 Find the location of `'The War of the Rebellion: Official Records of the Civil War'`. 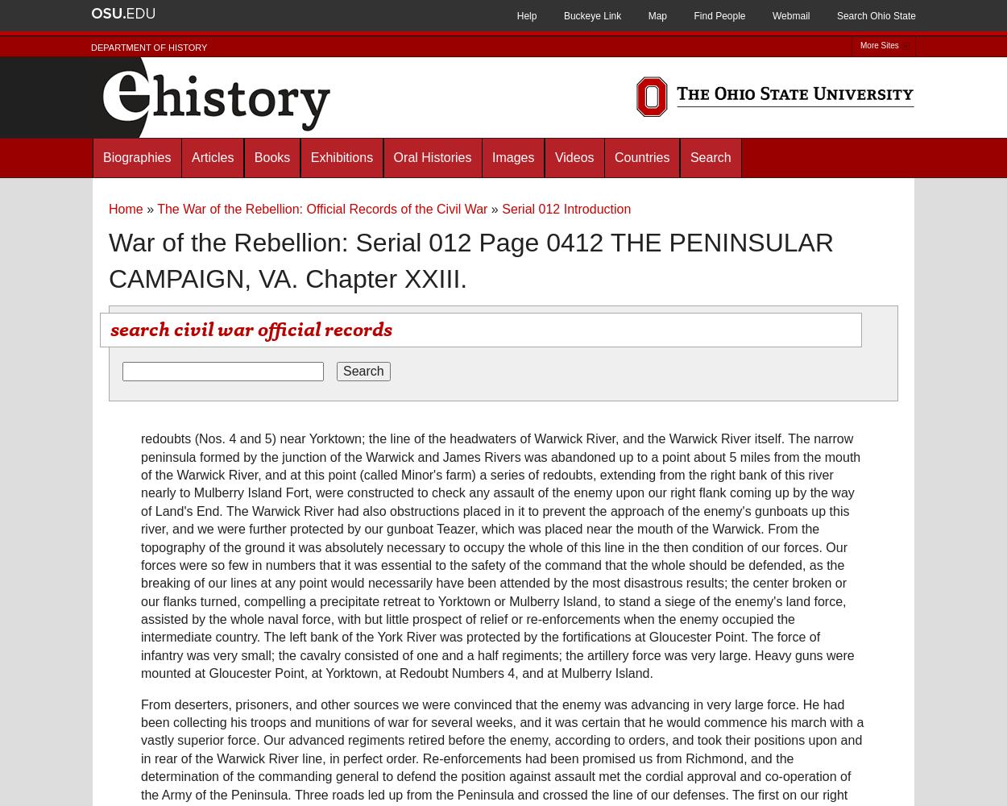

'The War of the Rebellion: Official Records of the Civil War' is located at coordinates (322, 209).